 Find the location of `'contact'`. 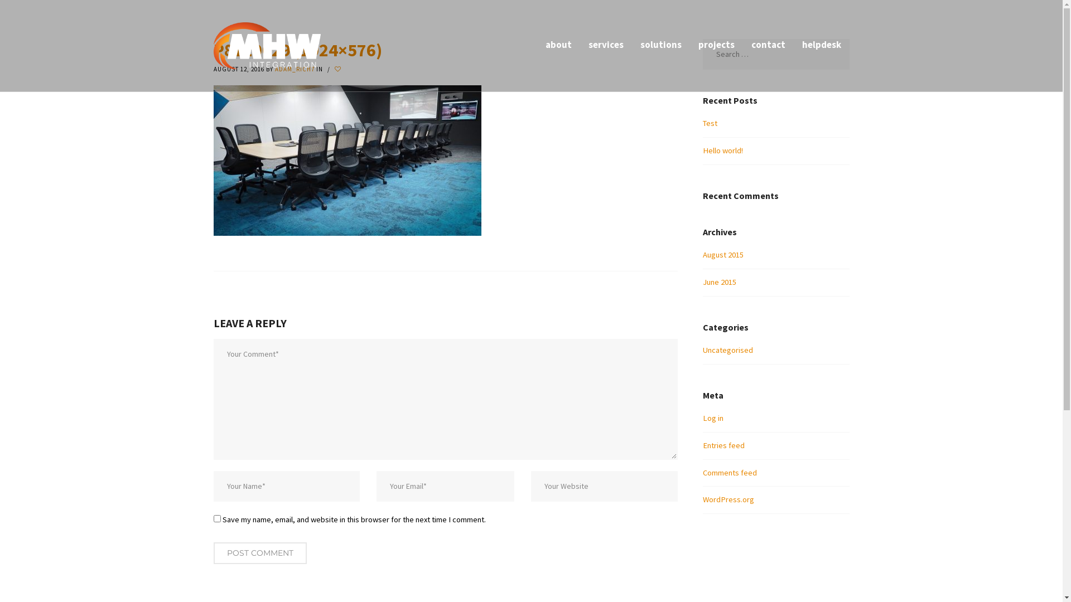

'contact' is located at coordinates (768, 45).